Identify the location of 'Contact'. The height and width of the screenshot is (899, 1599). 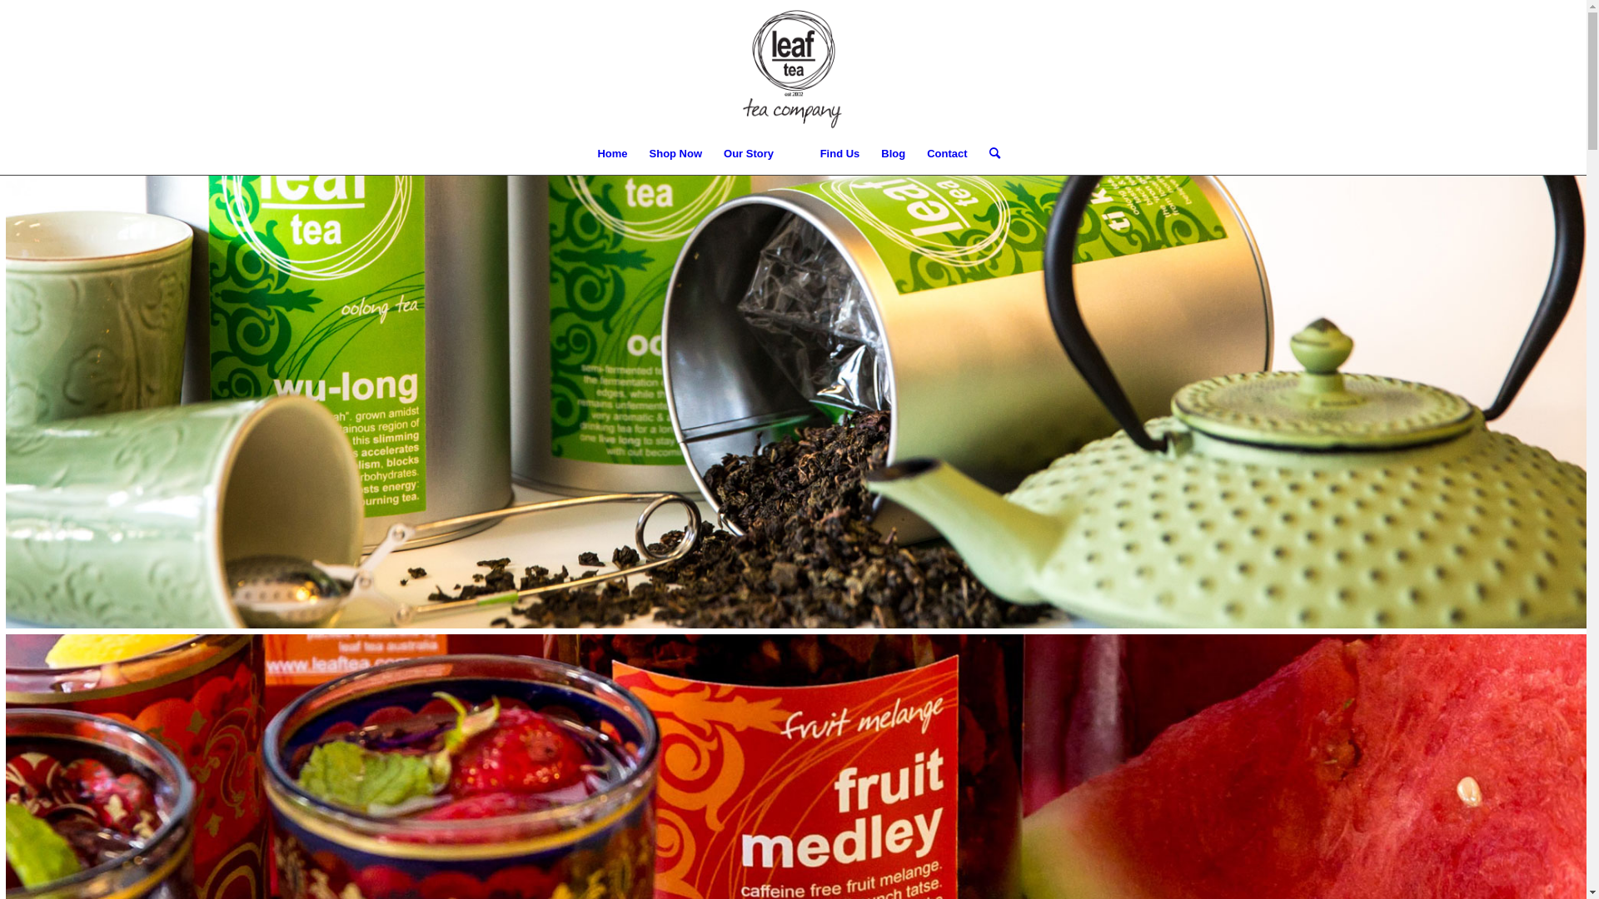
(914, 154).